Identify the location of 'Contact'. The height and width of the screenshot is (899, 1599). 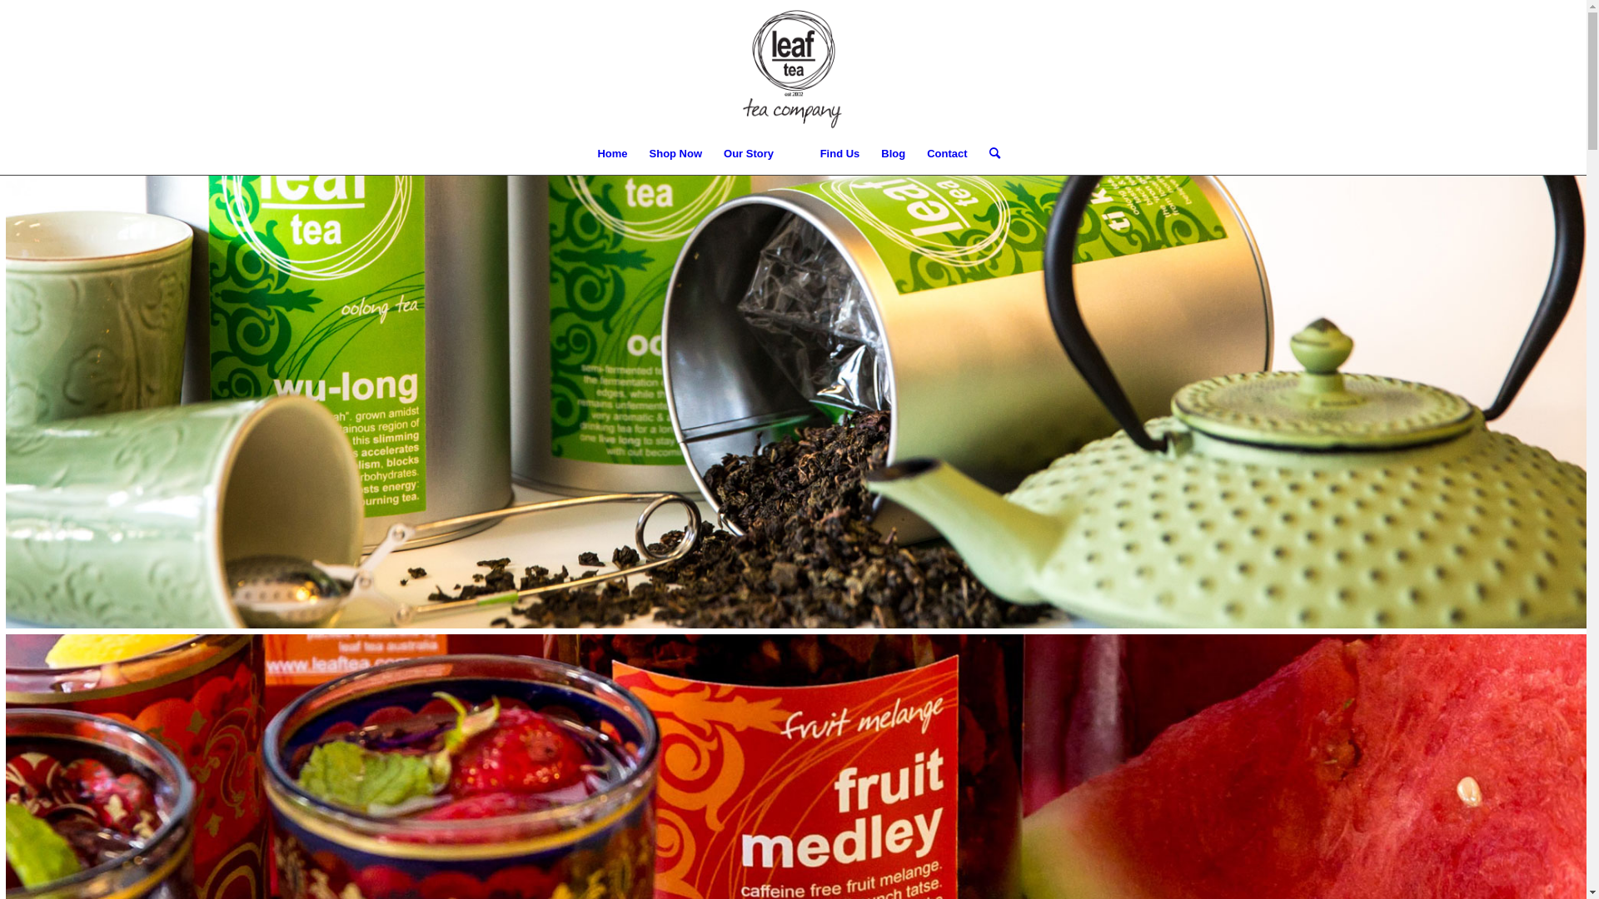
(914, 154).